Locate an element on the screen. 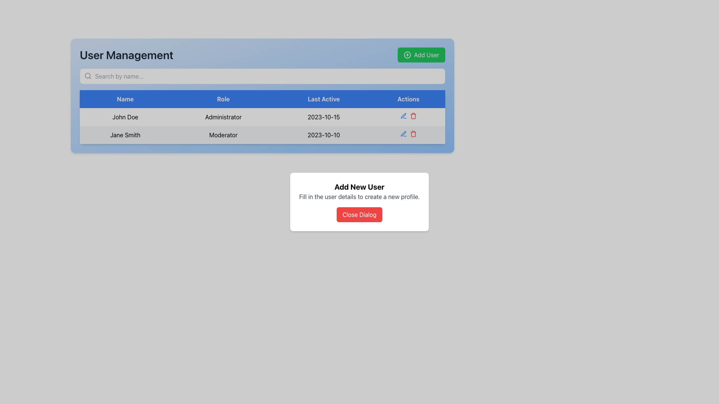 The image size is (719, 404). the label that indicates the action of adding a user, located at the top-right corner of the button in the User Management panel is located at coordinates (427, 54).